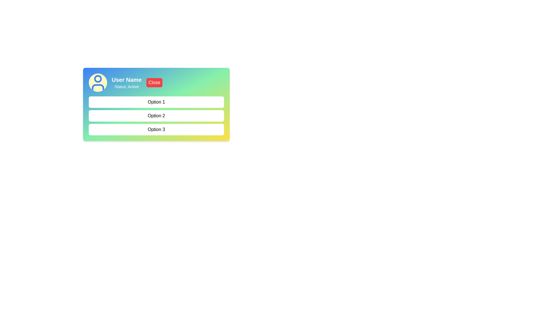 The image size is (550, 309). Describe the element at coordinates (98, 78) in the screenshot. I see `the SVG Circle that represents a badge or highlight within the user's avatar illustration, located centrally in the yellow circular avatar at the top-left corner of the user interface card` at that location.